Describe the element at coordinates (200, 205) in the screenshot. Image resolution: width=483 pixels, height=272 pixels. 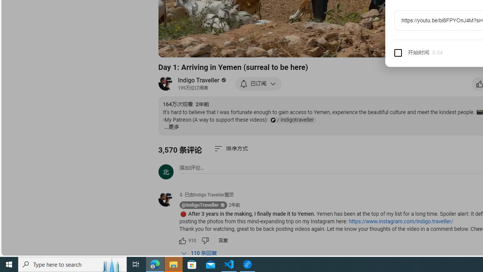
I see `'@IndigoTraveller'` at that location.